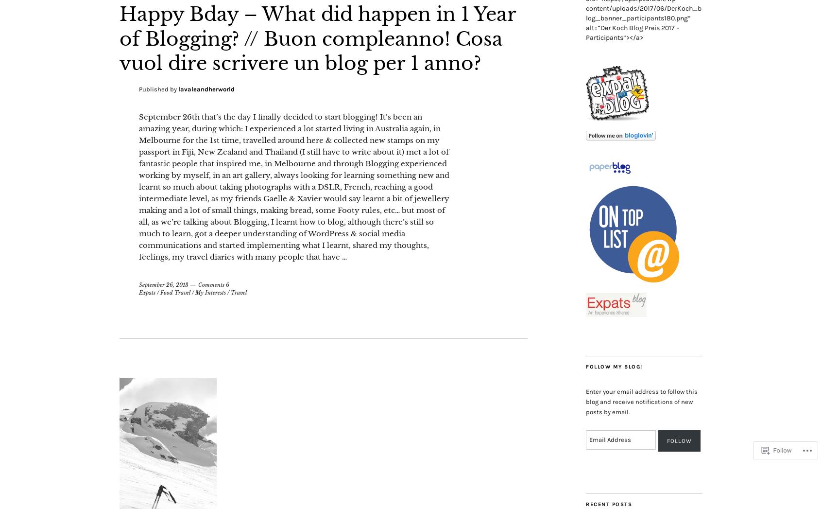  Describe the element at coordinates (158, 113) in the screenshot. I see `'Published by'` at that location.